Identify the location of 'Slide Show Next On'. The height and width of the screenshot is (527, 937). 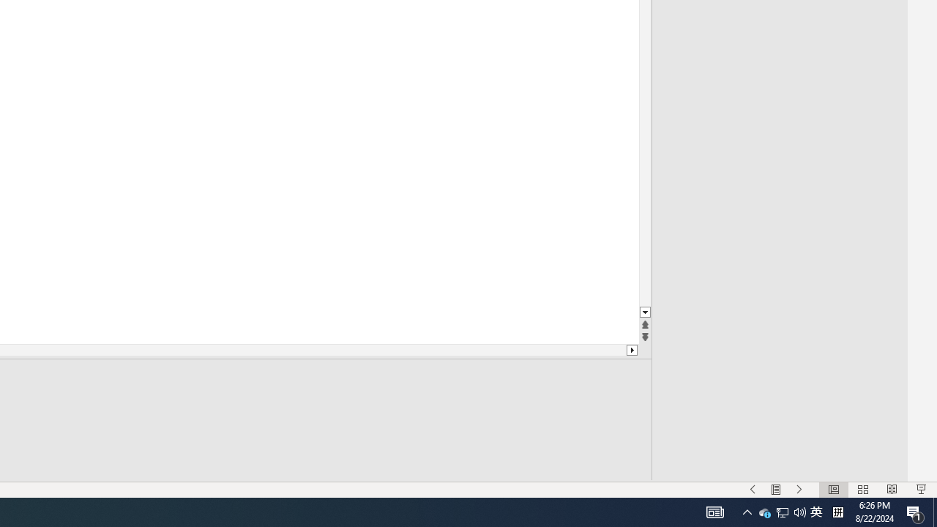
(799, 490).